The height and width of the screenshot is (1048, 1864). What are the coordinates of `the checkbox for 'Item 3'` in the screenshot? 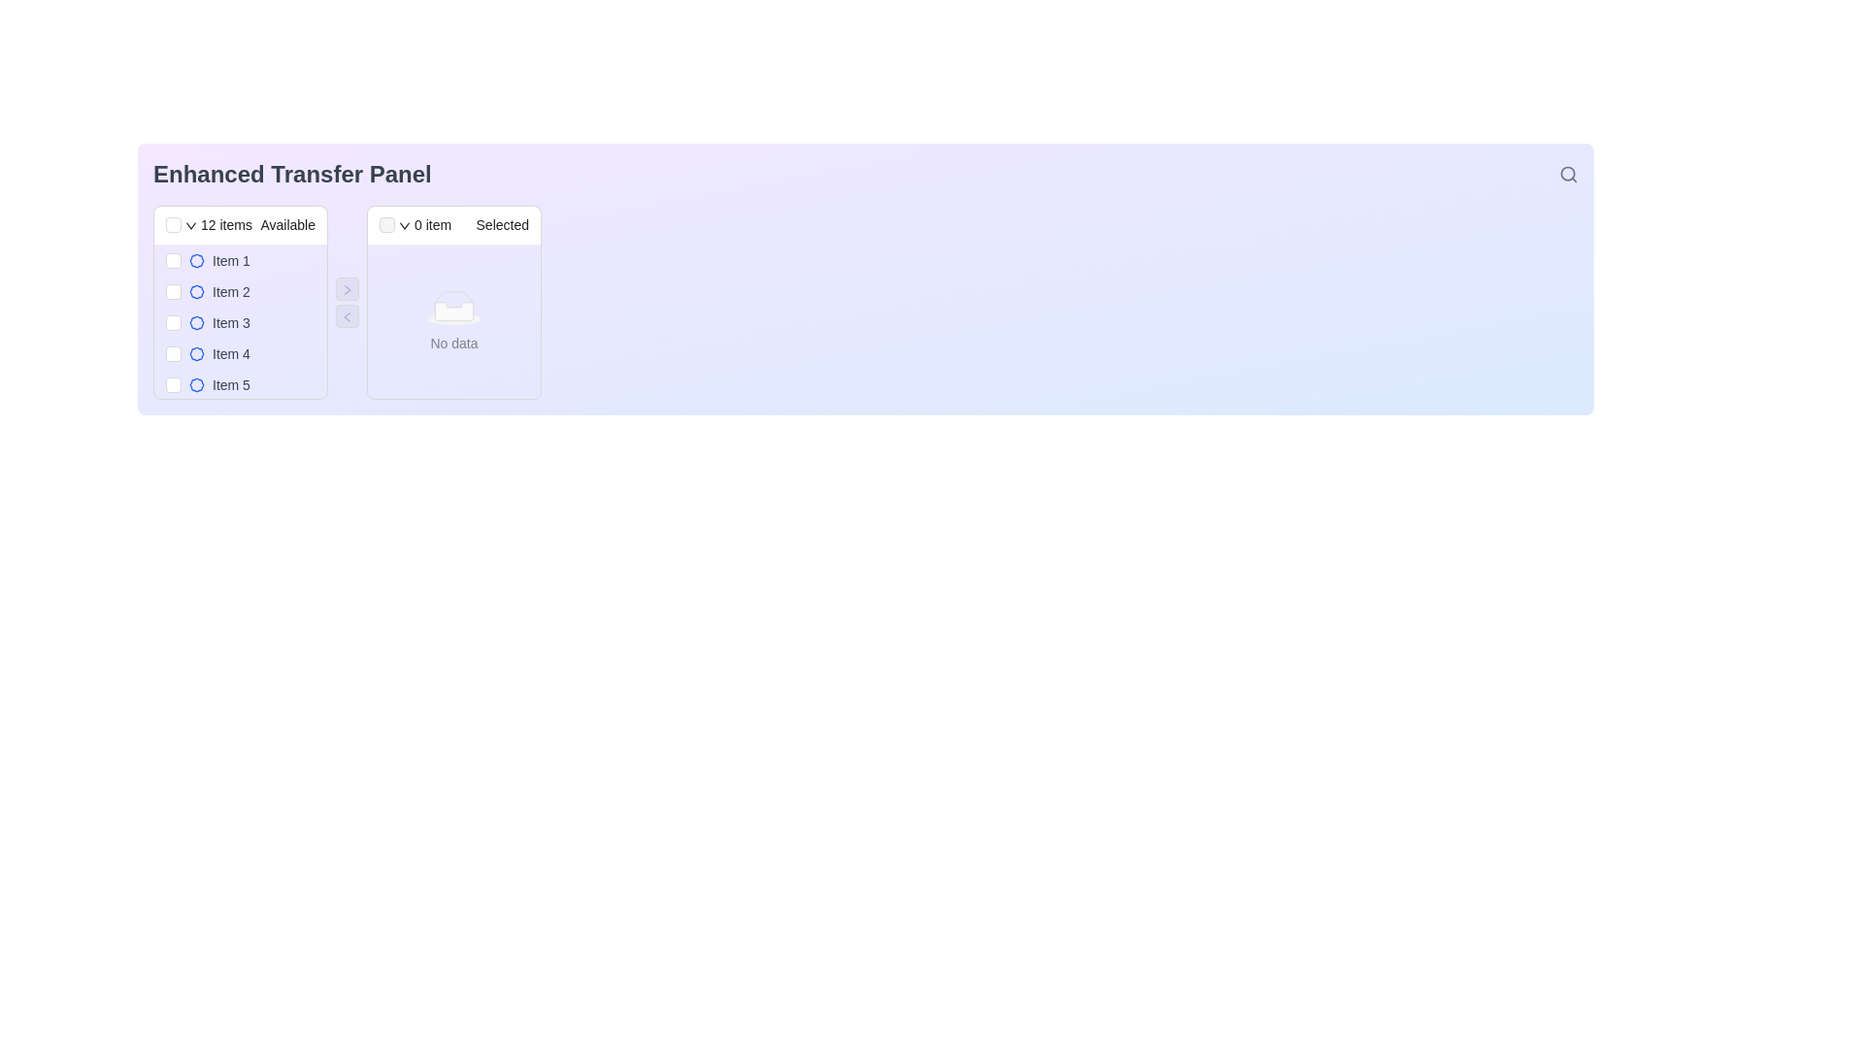 It's located at (173, 321).